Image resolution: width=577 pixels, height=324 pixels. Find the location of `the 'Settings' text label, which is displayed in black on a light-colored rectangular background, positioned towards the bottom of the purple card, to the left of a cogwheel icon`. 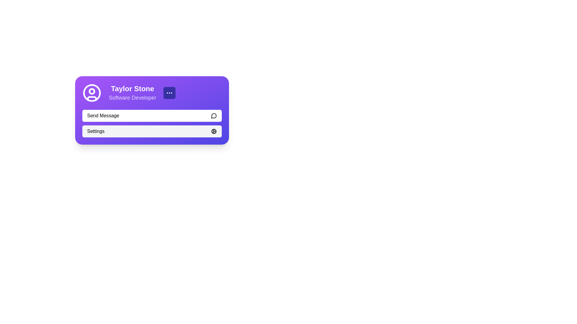

the 'Settings' text label, which is displayed in black on a light-colored rectangular background, positioned towards the bottom of the purple card, to the left of a cogwheel icon is located at coordinates (95, 131).